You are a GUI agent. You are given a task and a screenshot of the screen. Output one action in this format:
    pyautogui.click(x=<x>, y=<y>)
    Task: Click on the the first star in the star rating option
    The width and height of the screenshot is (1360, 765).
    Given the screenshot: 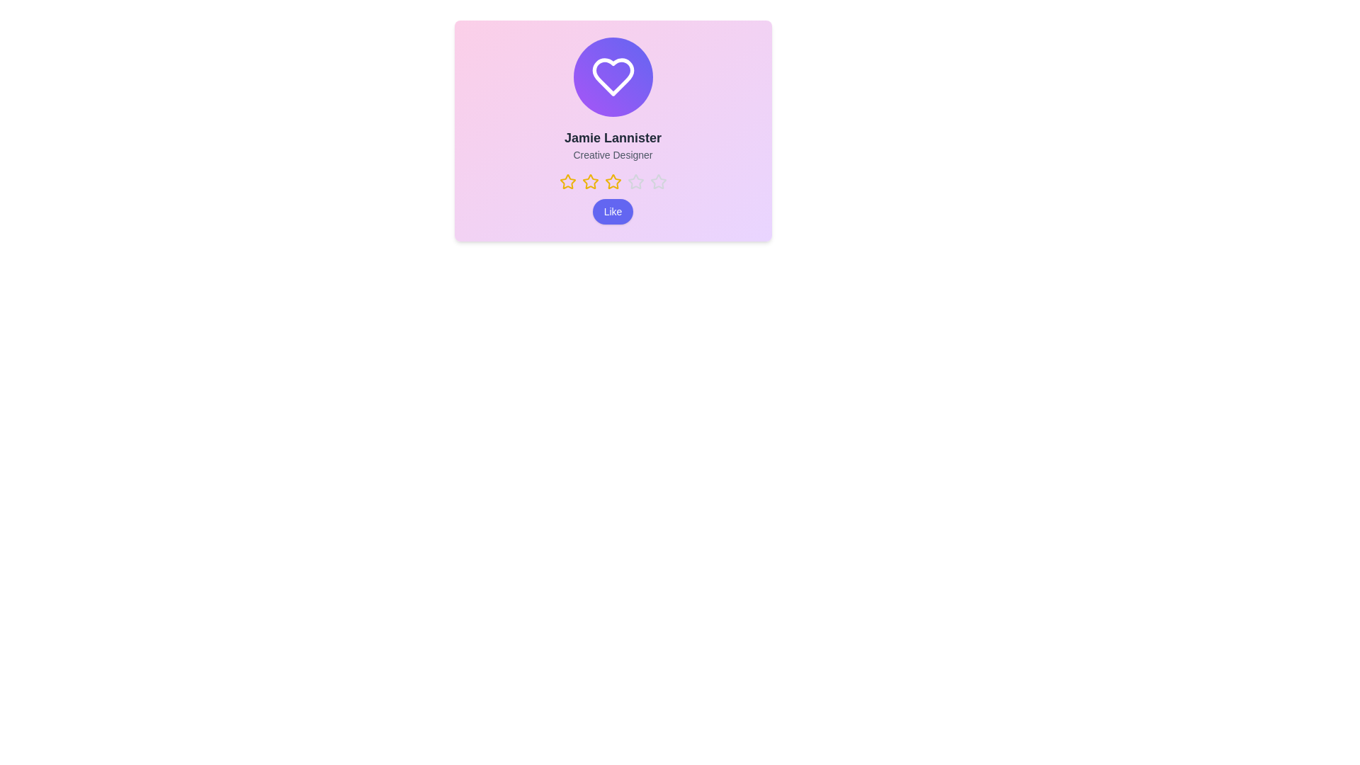 What is the action you would take?
    pyautogui.click(x=567, y=181)
    